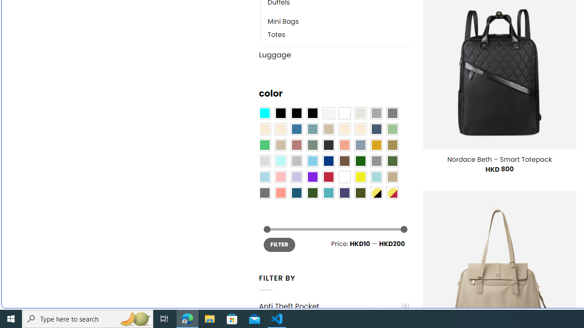 The height and width of the screenshot is (328, 584). What do you see at coordinates (312, 193) in the screenshot?
I see `'Forest'` at bounding box center [312, 193].